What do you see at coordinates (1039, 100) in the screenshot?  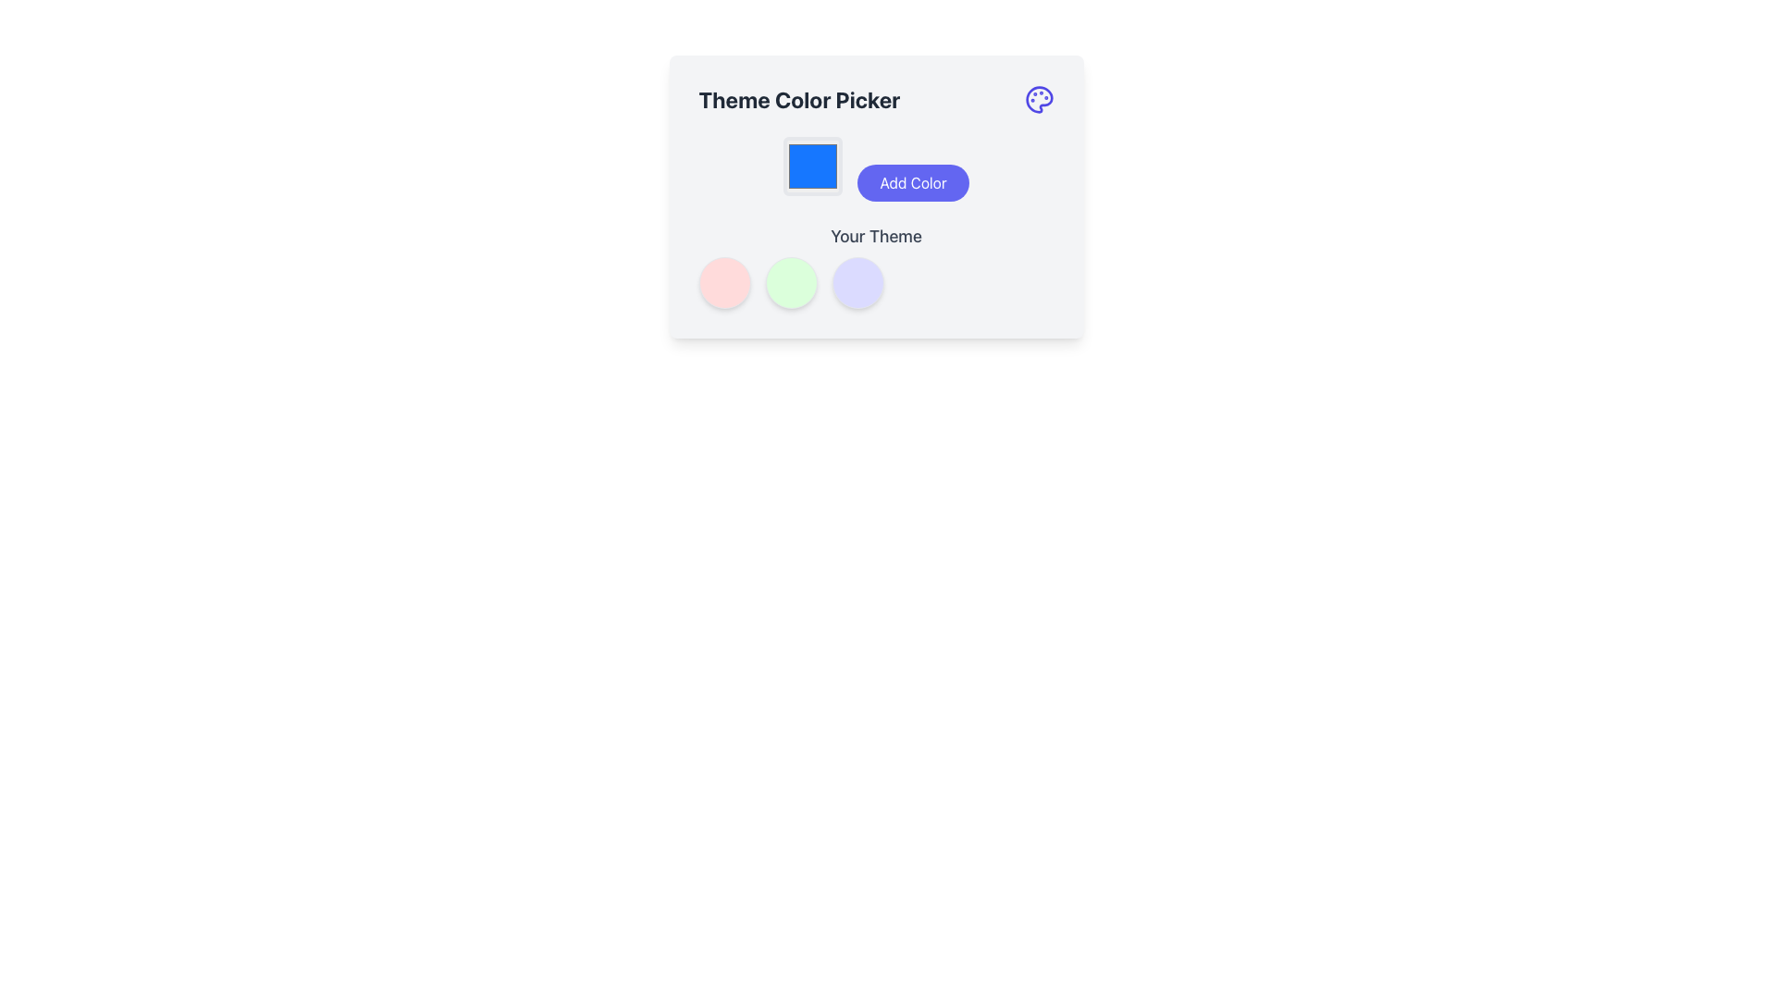 I see `the main body of the graphical icon resembling a palette shape, which is part of a collection of graphical elements in the top-right corner of the interface card` at bounding box center [1039, 100].